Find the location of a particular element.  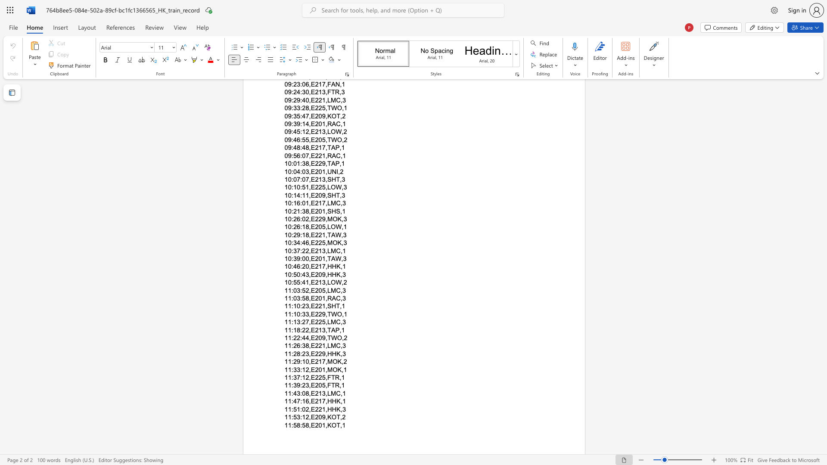

the subset text "221,LMC,3" within the text "11:26:38,E221,LMC,3" is located at coordinates (314, 345).